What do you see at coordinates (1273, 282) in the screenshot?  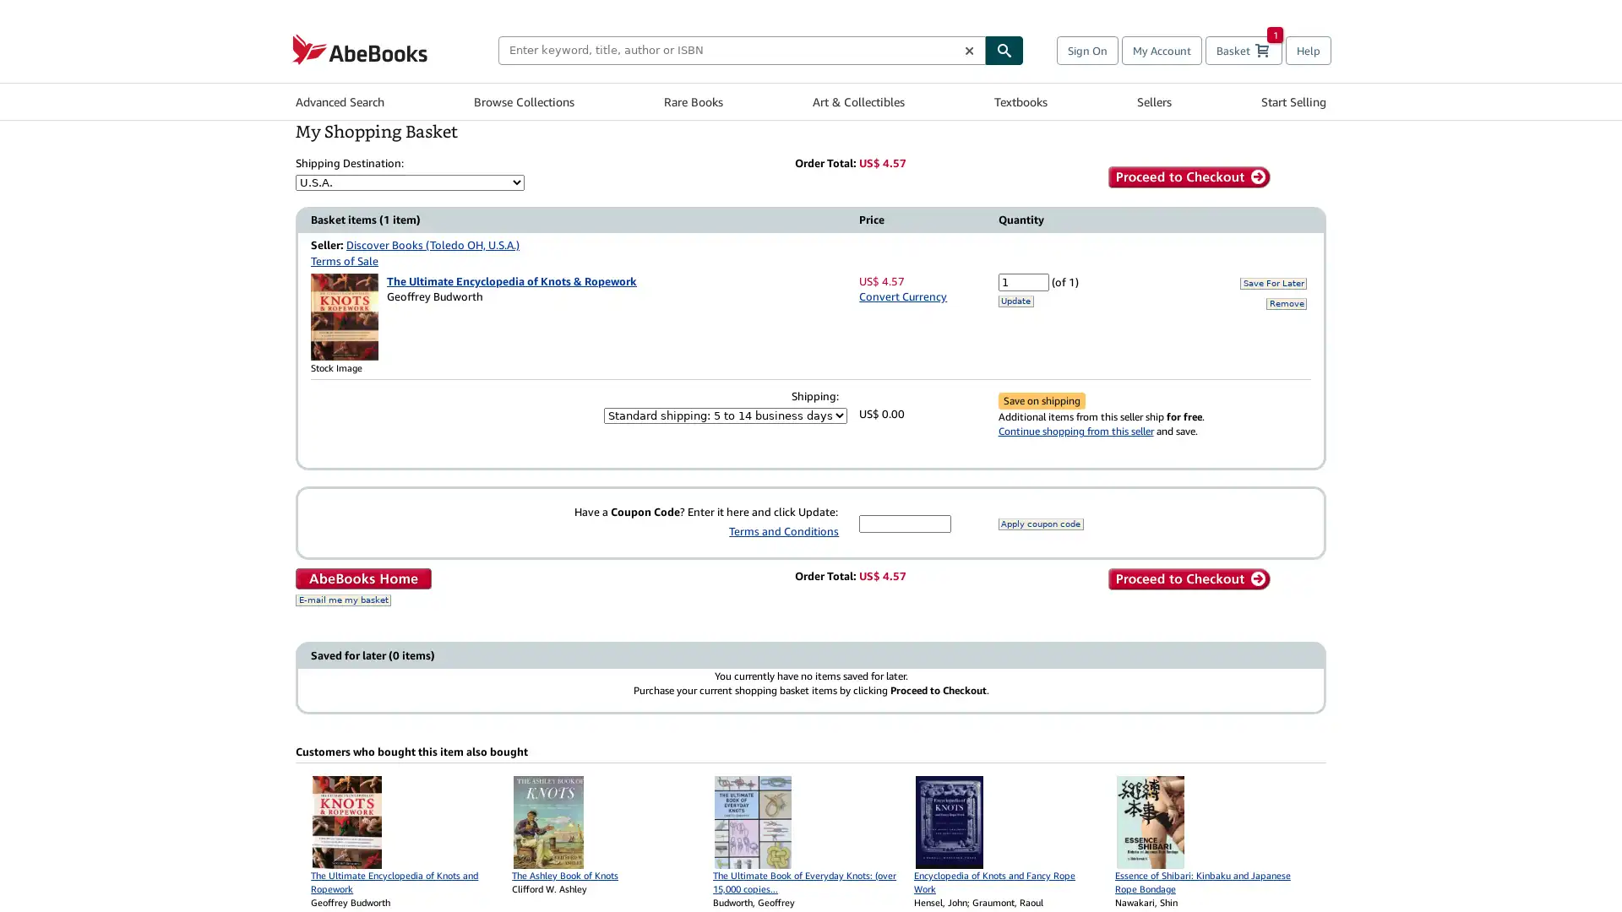 I see `Save For Later: The Ultimate Encyclopedia of Knots & Ropework` at bounding box center [1273, 282].